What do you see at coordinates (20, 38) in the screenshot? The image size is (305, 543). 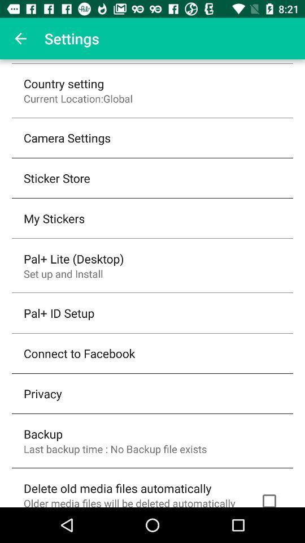 I see `icon to the left of settings item` at bounding box center [20, 38].